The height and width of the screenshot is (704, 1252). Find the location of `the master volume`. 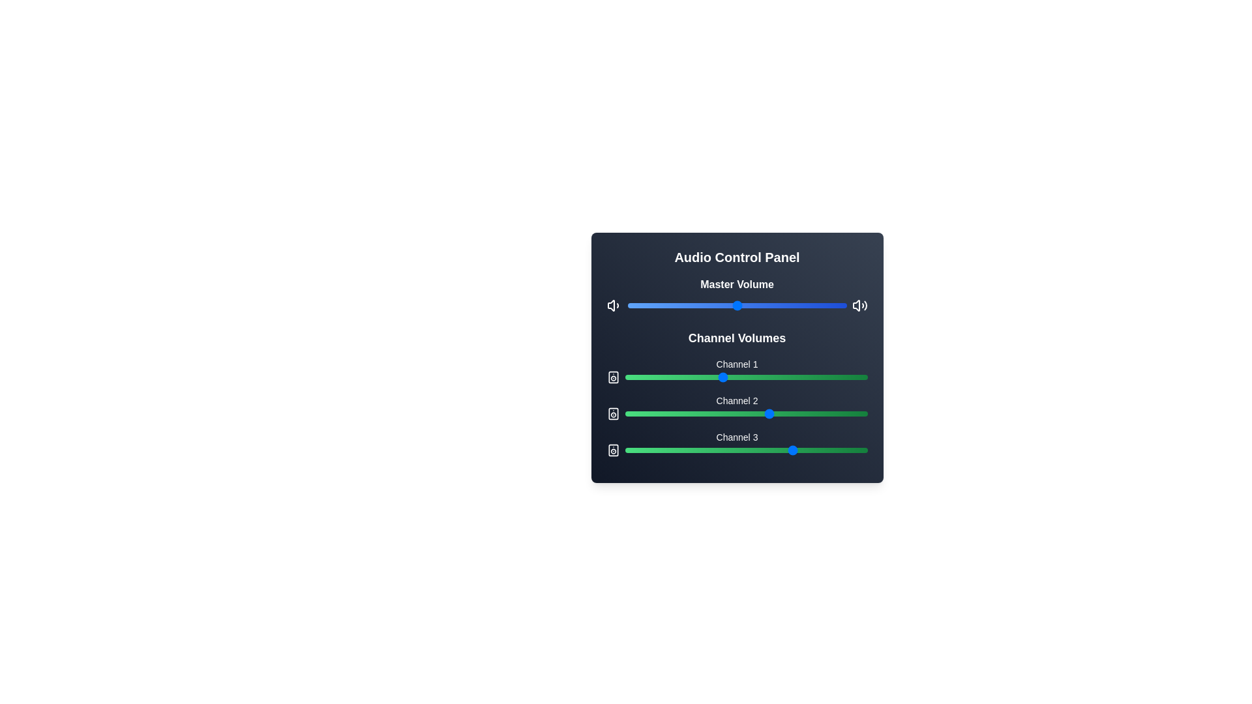

the master volume is located at coordinates (804, 306).